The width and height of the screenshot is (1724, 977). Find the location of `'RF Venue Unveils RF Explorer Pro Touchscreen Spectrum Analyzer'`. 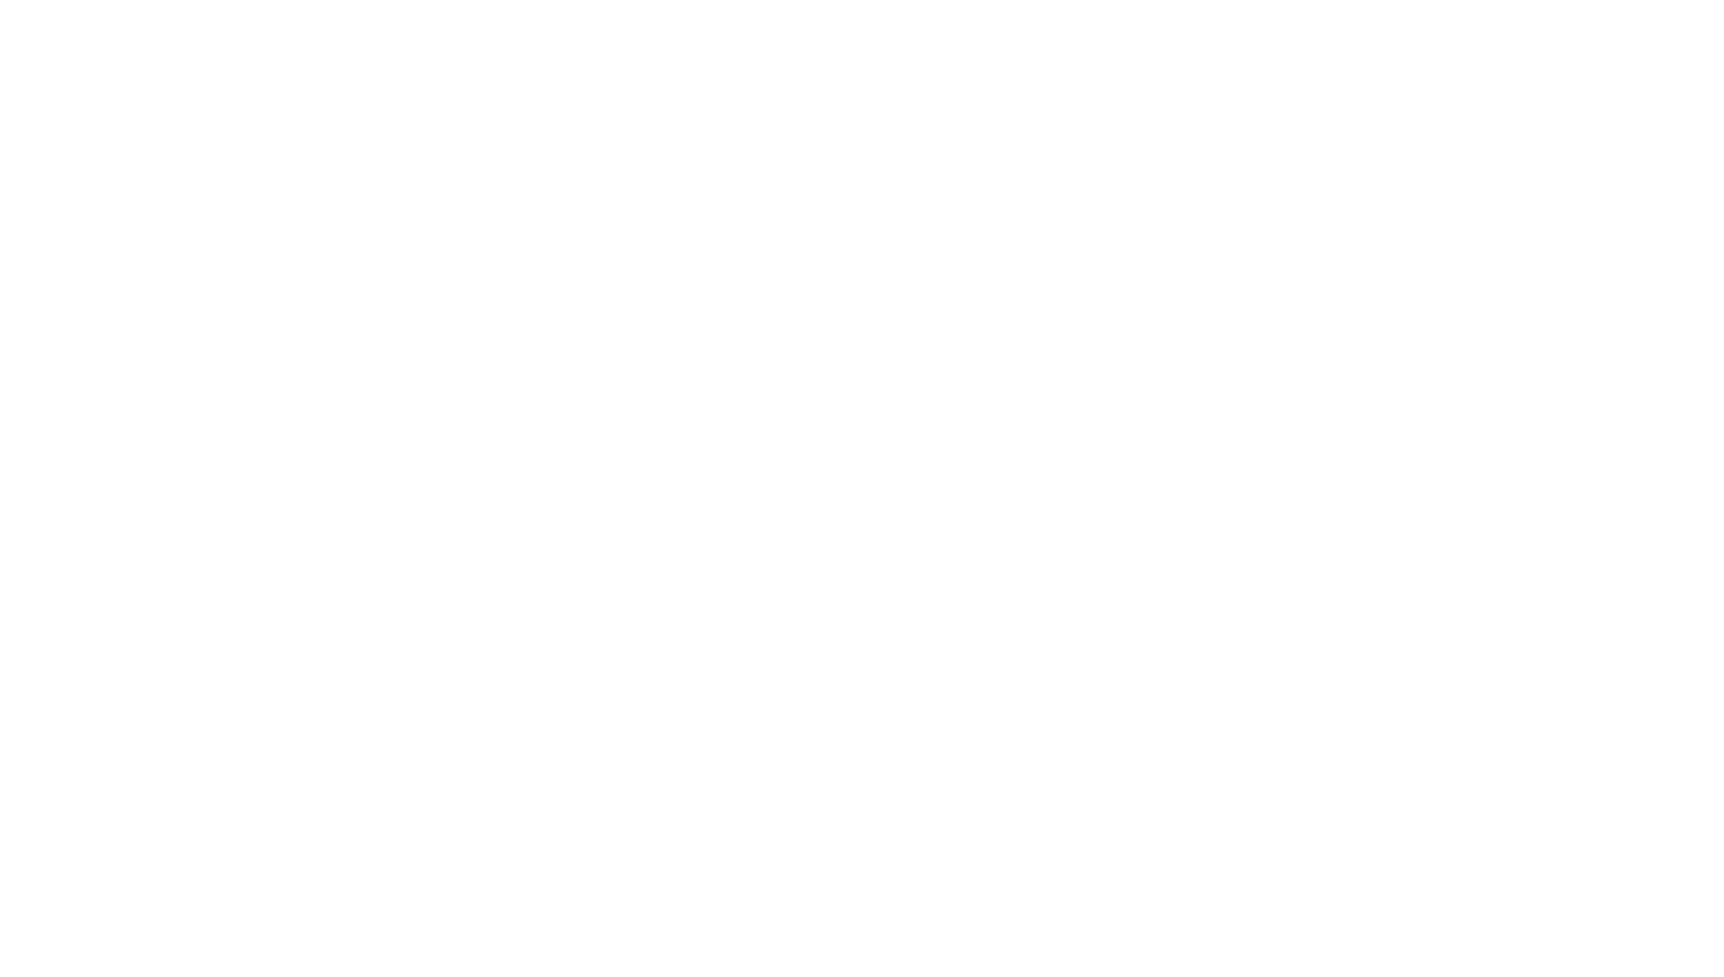

'RF Venue Unveils RF Explorer Pro Touchscreen Spectrum Analyzer' is located at coordinates (569, 382).